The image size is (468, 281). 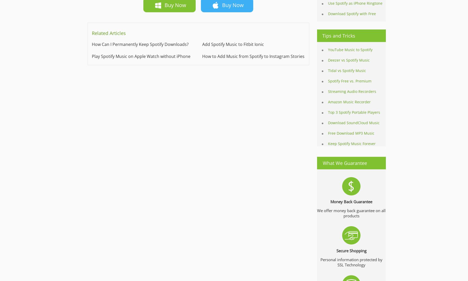 What do you see at coordinates (328, 81) in the screenshot?
I see `'Spotify Free vs. Premium'` at bounding box center [328, 81].